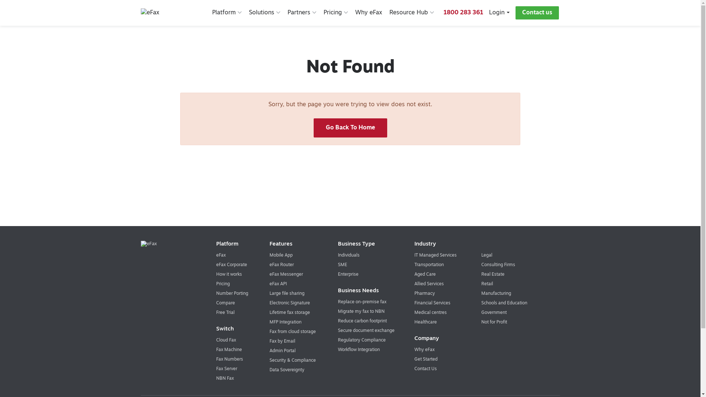 The image size is (706, 397). Describe the element at coordinates (537, 12) in the screenshot. I see `'Contact us'` at that location.